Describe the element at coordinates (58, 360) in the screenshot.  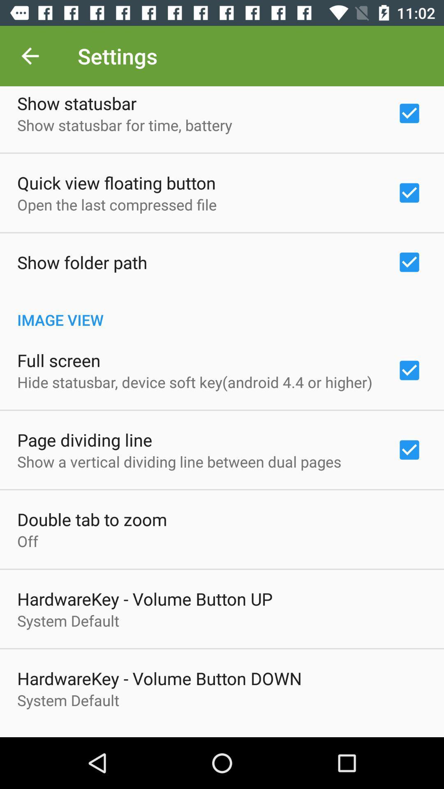
I see `the item below the image view icon` at that location.